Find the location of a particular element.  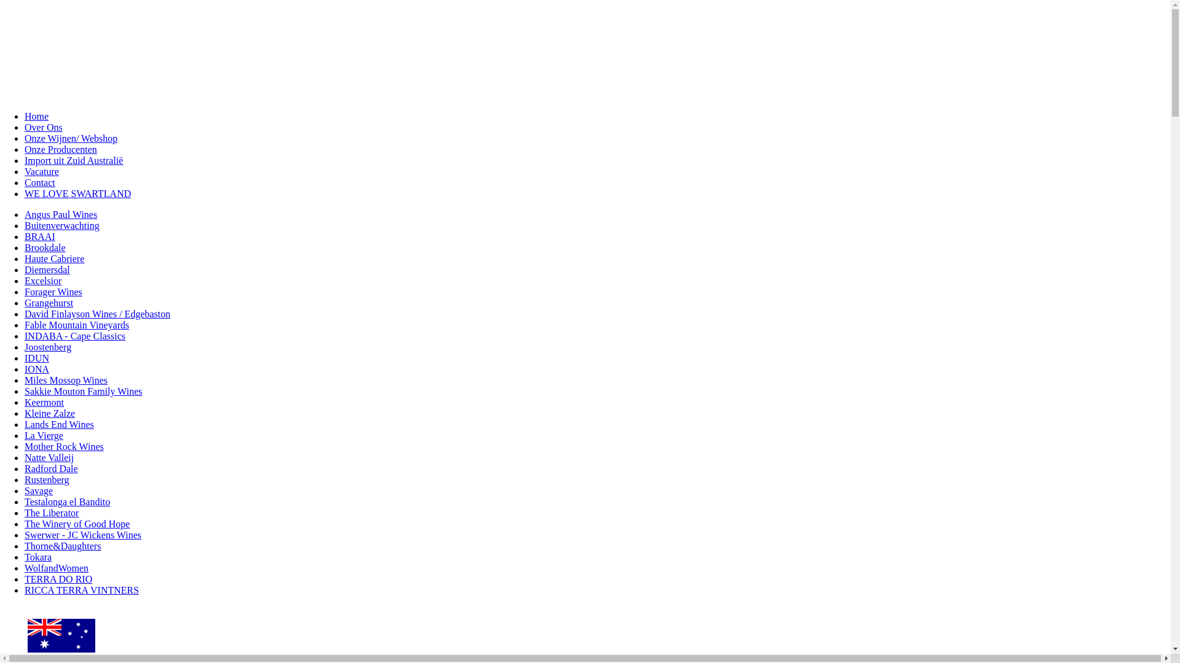

'Rustenberg' is located at coordinates (47, 479).